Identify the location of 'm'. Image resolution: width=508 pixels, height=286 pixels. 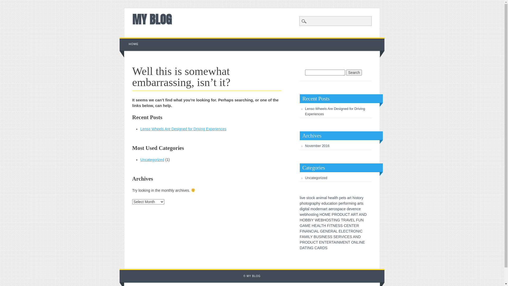
(312, 209).